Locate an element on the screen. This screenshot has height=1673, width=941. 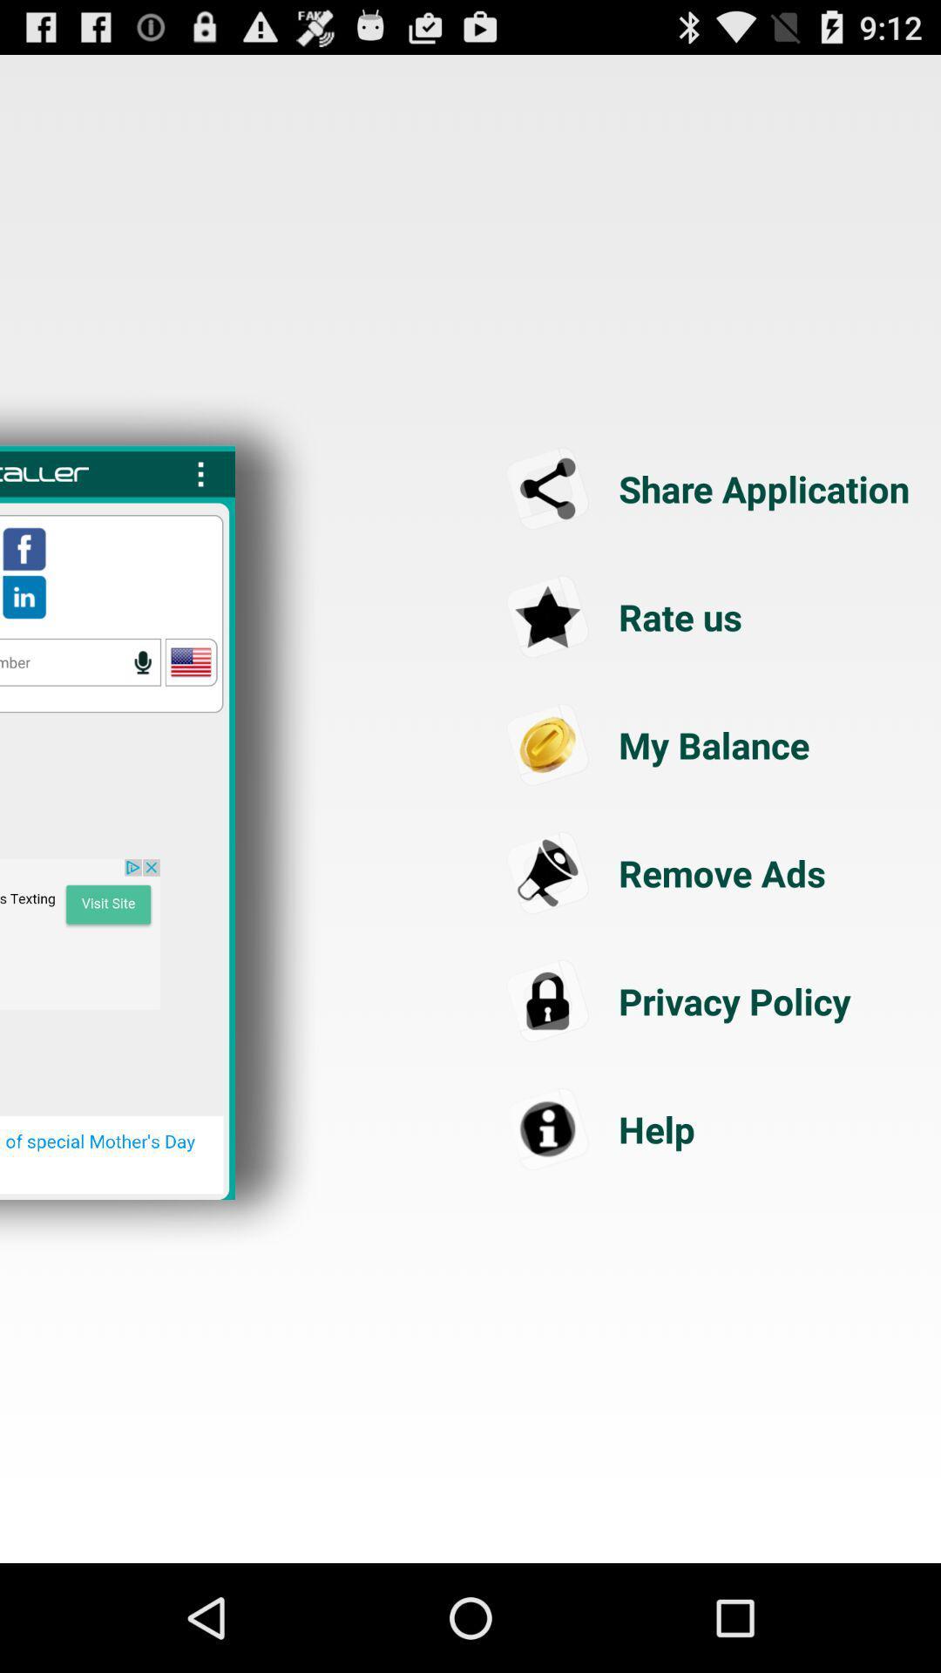
linkedin is located at coordinates (24, 597).